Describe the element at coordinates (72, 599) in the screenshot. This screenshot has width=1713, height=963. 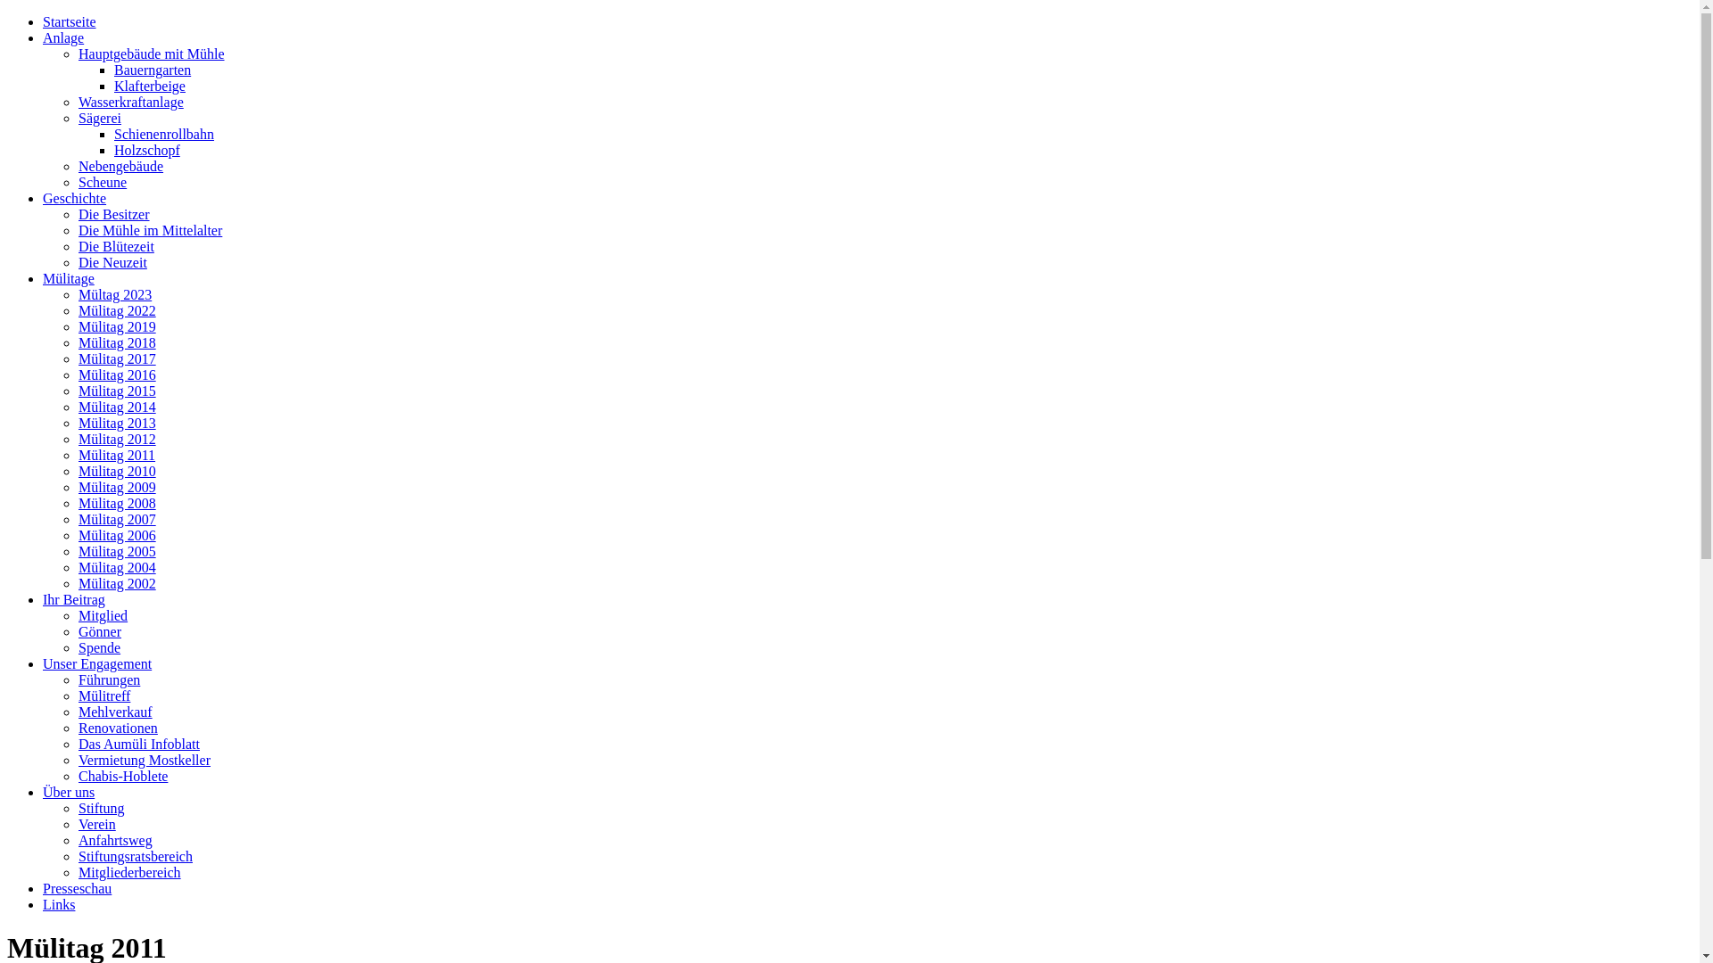
I see `'Ihr Beitrag'` at that location.